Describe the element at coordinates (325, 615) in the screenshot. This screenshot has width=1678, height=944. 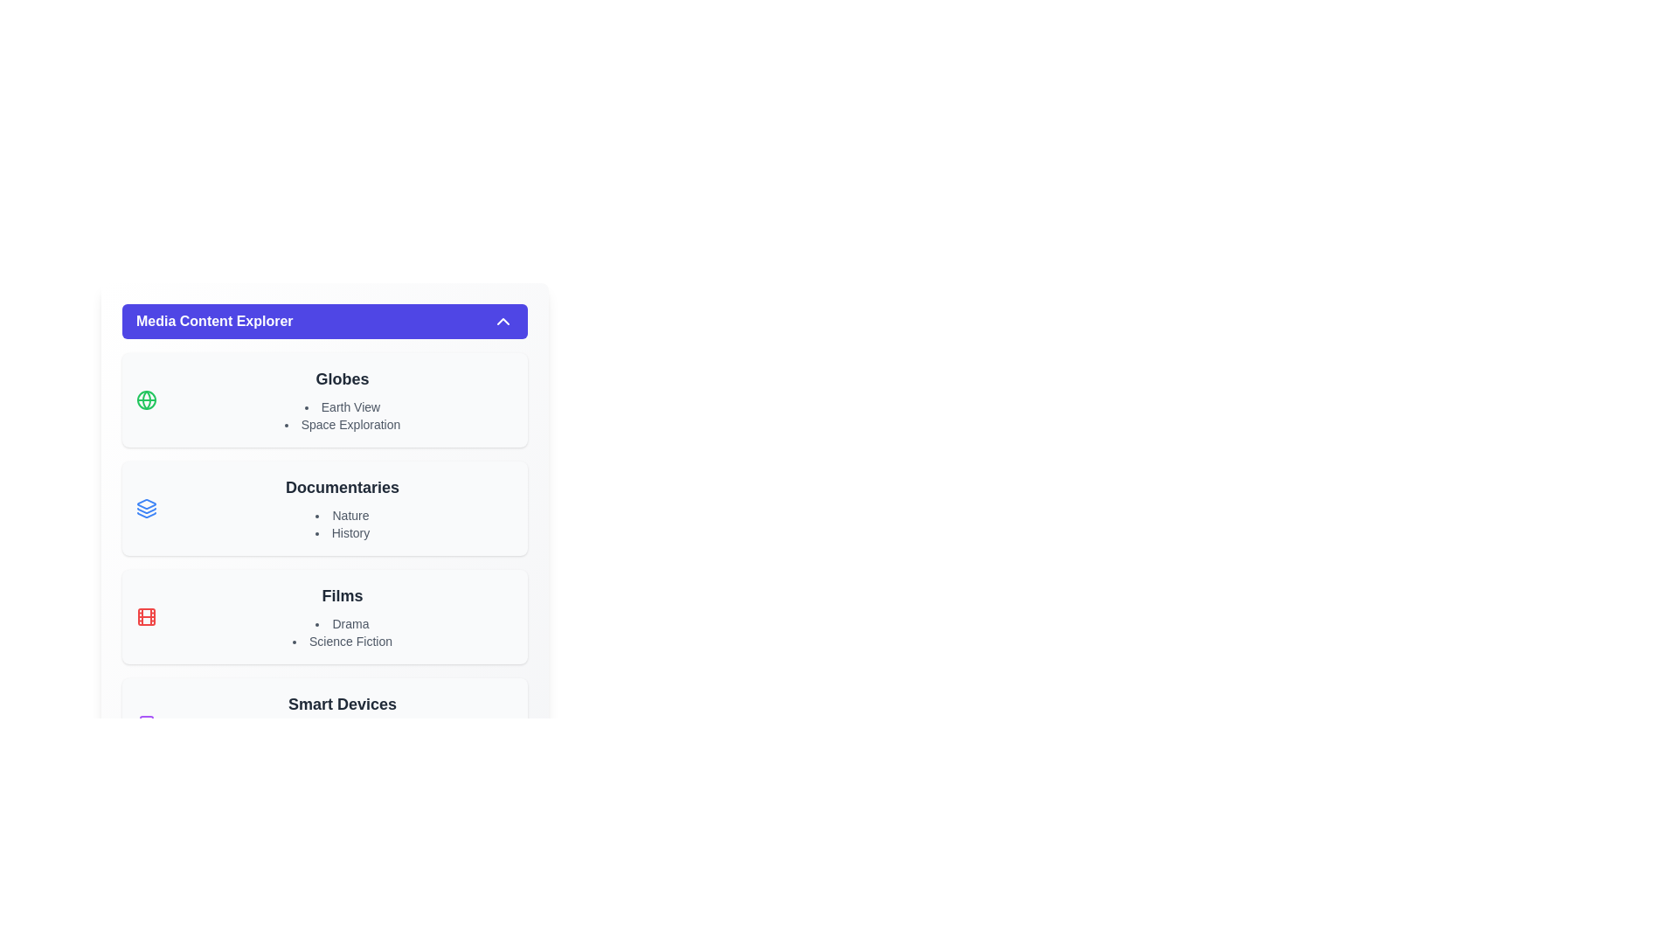
I see `the 'Films' section which has a bold title and a list of items 'Drama' and 'Science Fiction', positioned as the third section in the vertical list of categories` at that location.